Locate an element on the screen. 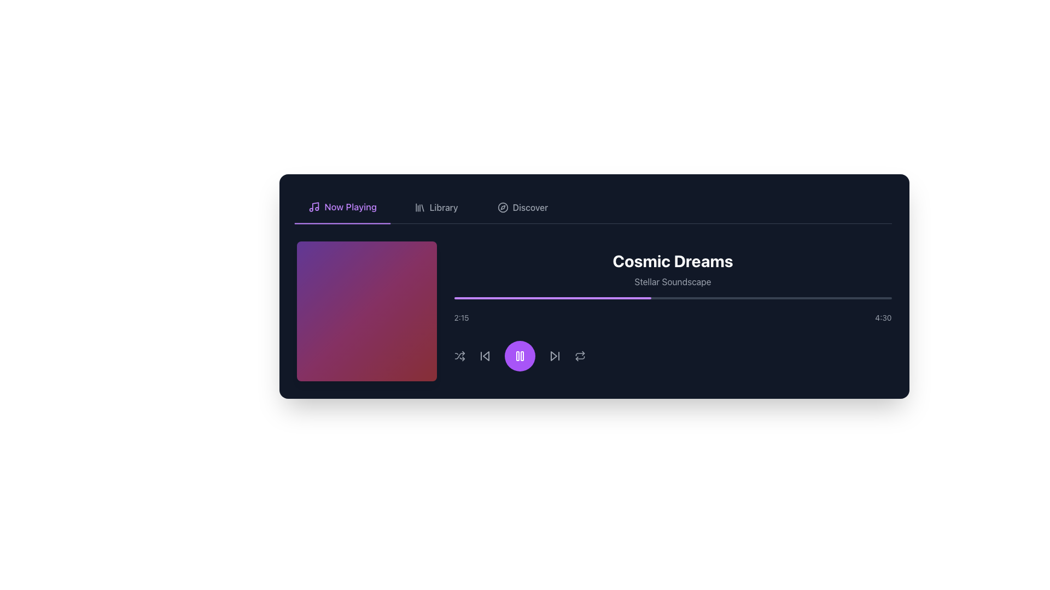 The image size is (1050, 590). the subtitle text label located directly below the 'Cosmic Dreams' title, providing additional descriptive information about the media is located at coordinates (672, 281).